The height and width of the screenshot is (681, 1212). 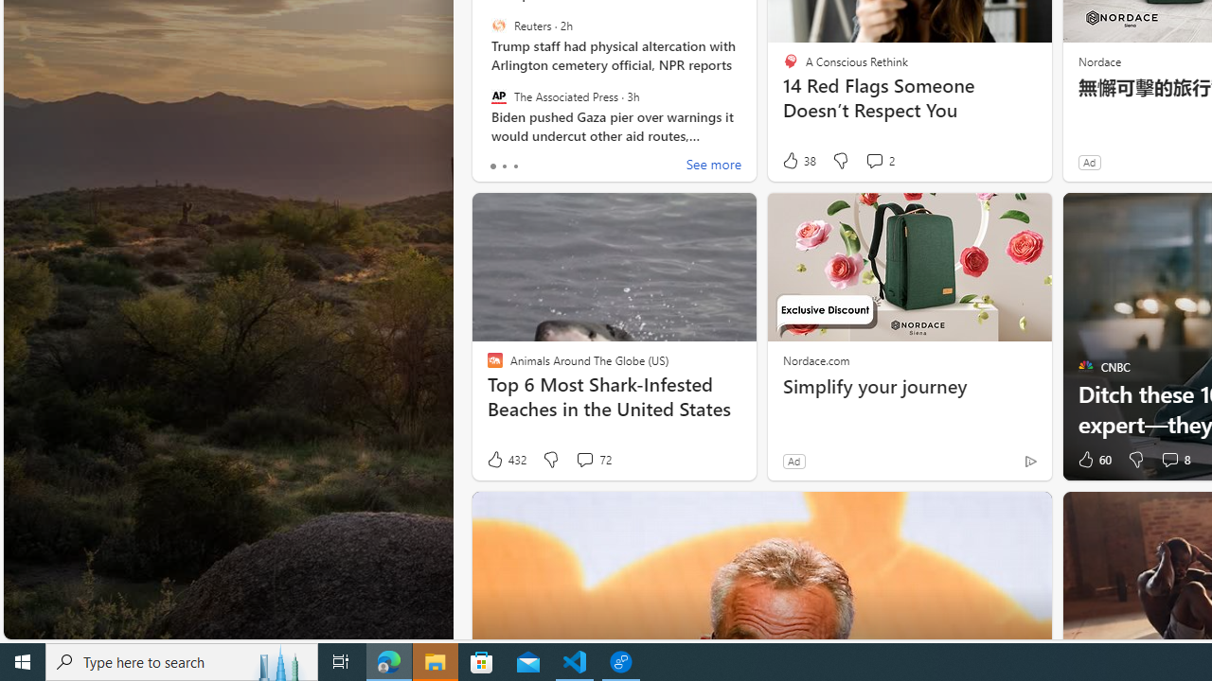 What do you see at coordinates (498, 26) in the screenshot?
I see `'Reuters'` at bounding box center [498, 26].